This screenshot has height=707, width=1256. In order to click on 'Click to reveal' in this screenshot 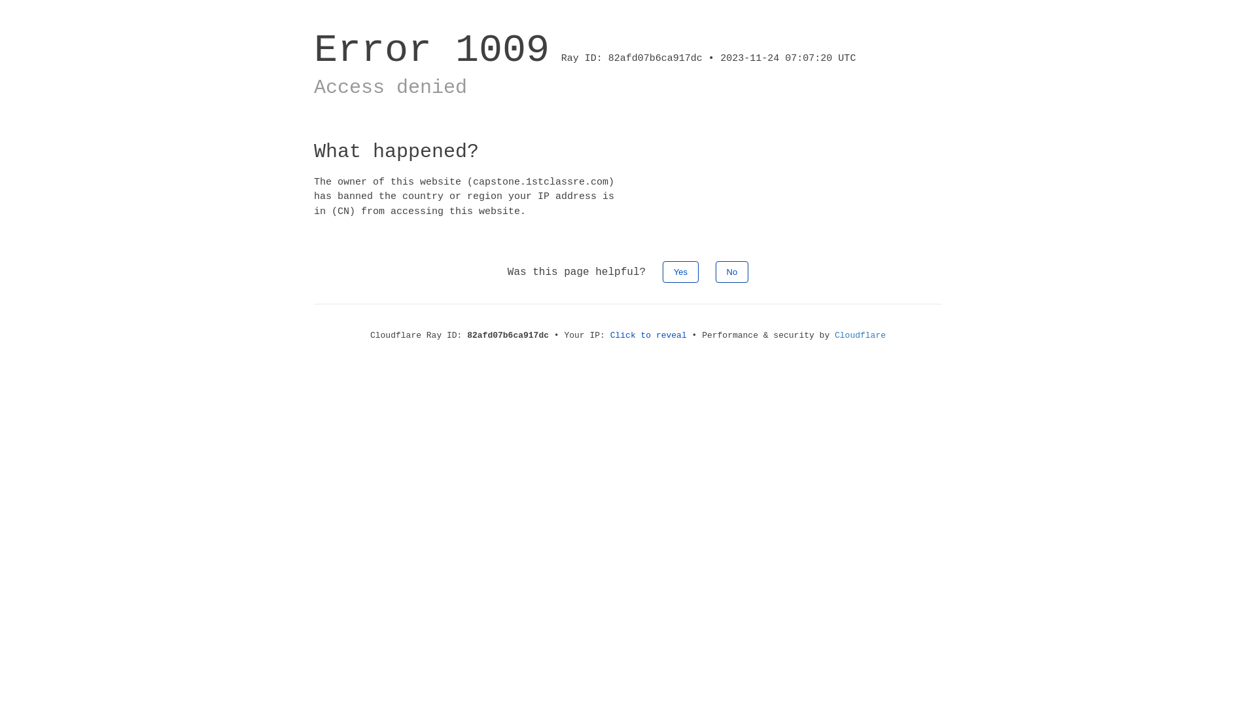, I will do `click(648, 335)`.